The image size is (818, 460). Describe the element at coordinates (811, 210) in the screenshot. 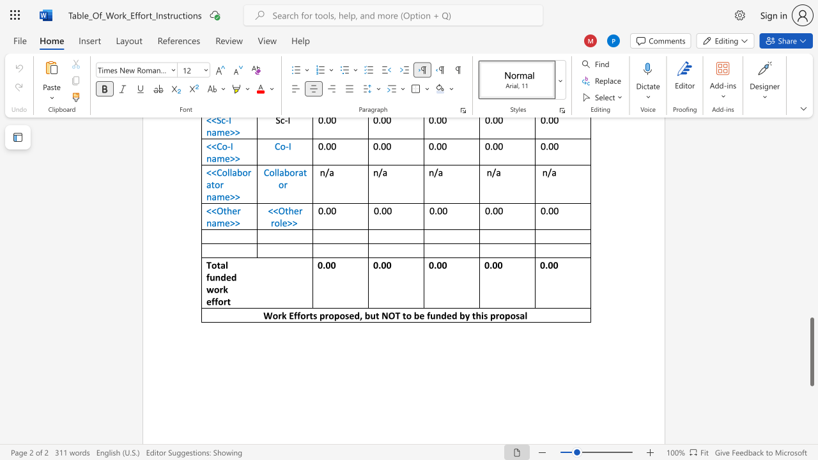

I see `the scrollbar to move the page upward` at that location.